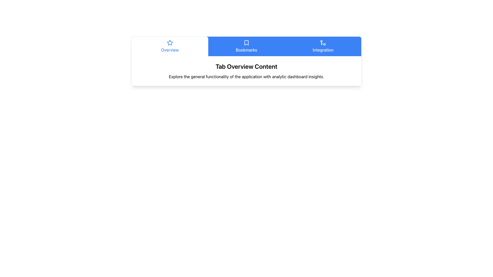 Image resolution: width=493 pixels, height=277 pixels. Describe the element at coordinates (246, 42) in the screenshot. I see `the bookmark icon located in the navigation bar` at that location.